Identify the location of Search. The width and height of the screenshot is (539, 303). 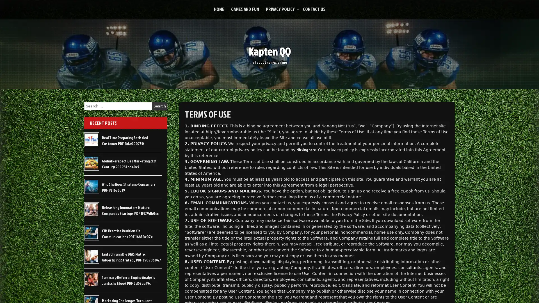
(159, 106).